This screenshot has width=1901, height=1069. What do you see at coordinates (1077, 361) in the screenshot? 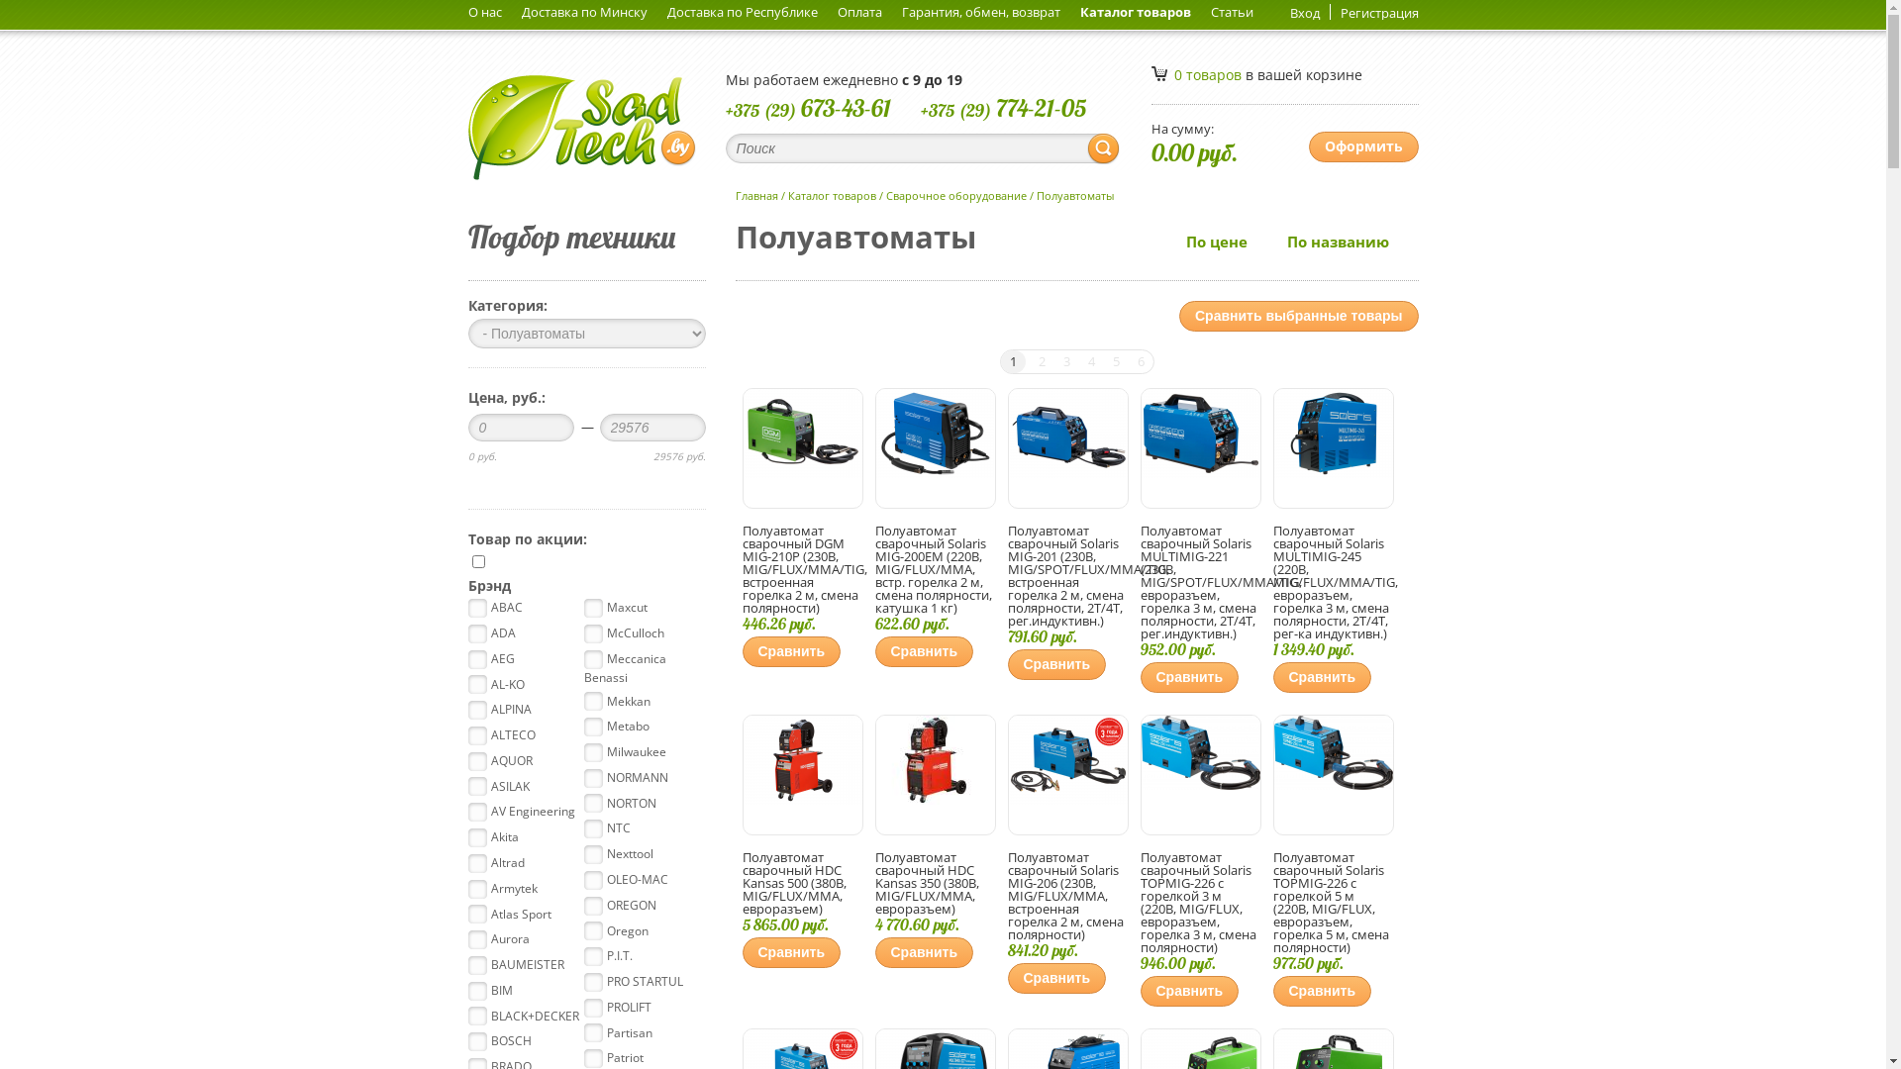
I see `'4'` at bounding box center [1077, 361].